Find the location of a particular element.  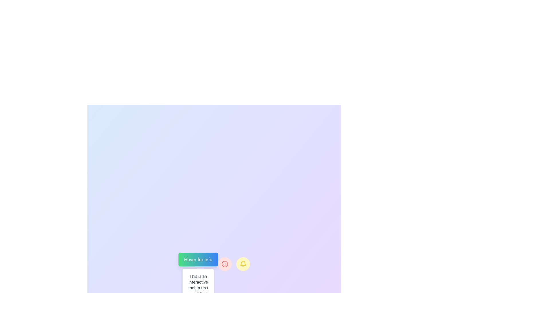

the yellow bell-shaped notification icon located at the bottom-right corner of the interface for additional options is located at coordinates (243, 263).